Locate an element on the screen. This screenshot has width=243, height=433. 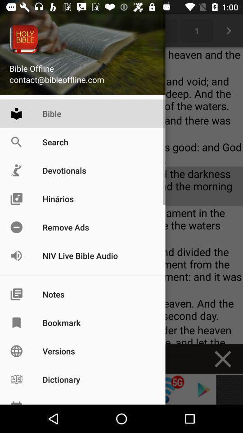
the close icon is located at coordinates (222, 359).